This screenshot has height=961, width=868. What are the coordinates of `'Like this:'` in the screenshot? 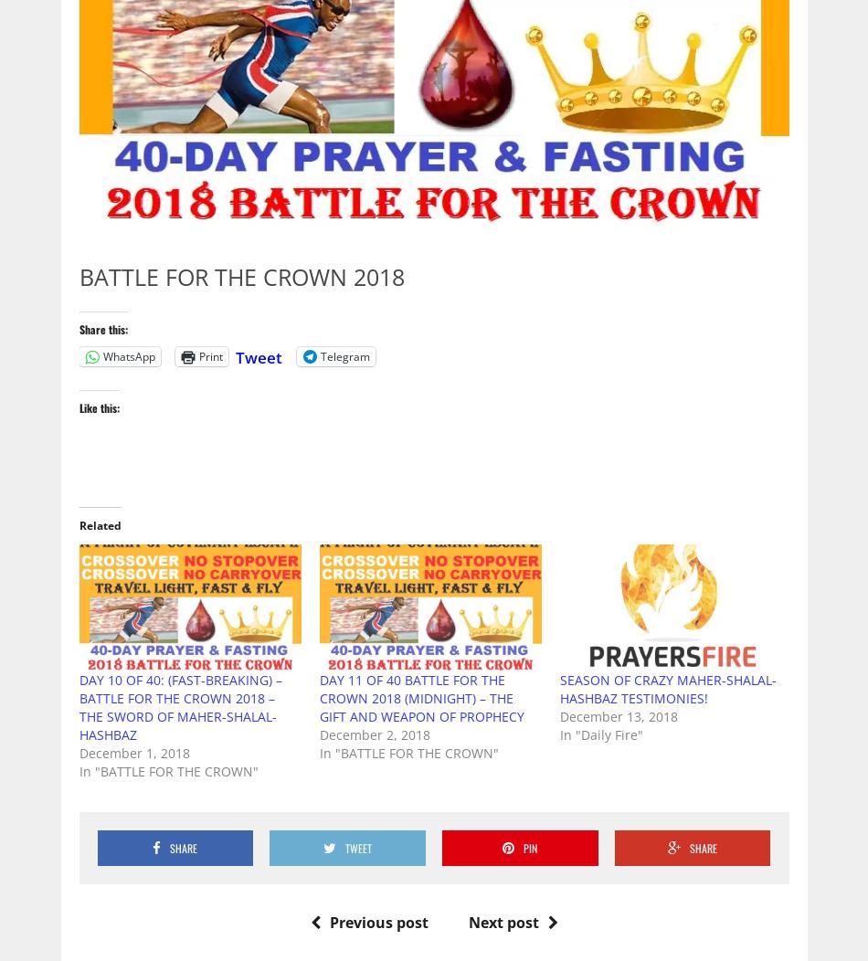 It's located at (99, 407).